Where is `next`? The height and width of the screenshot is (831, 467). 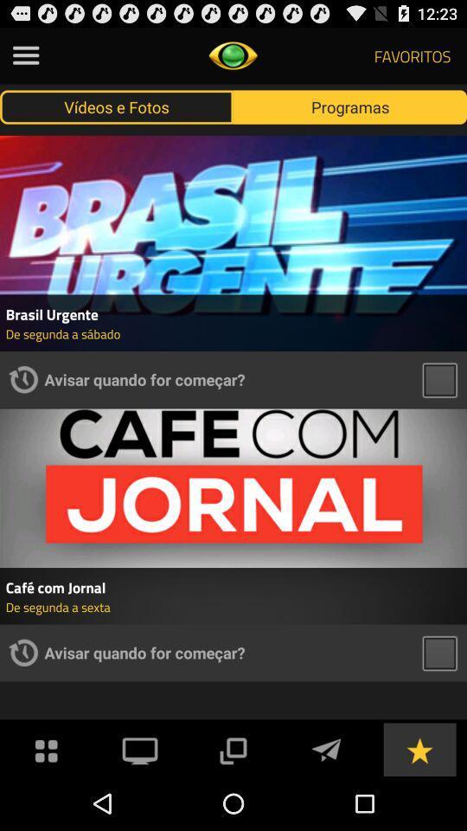
next is located at coordinates (326, 748).